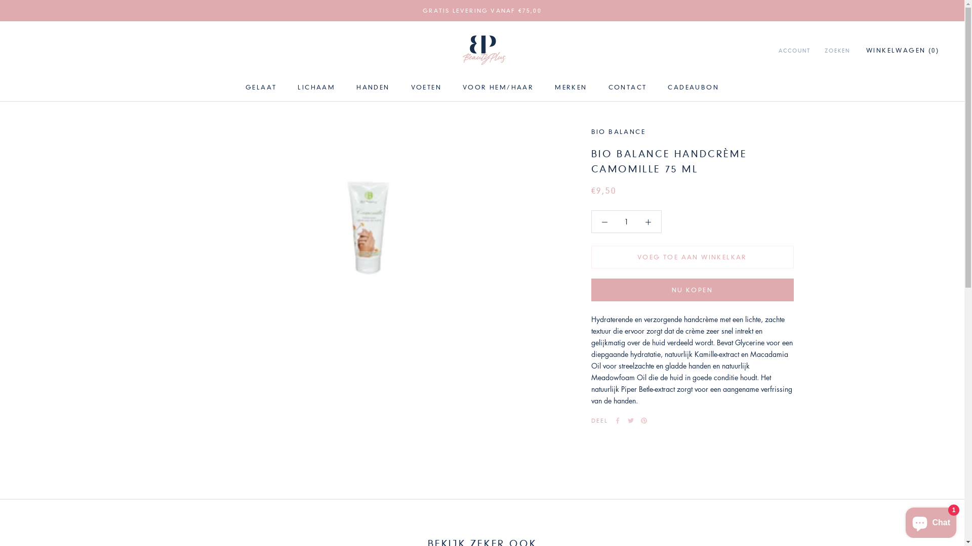 Image resolution: width=972 pixels, height=546 pixels. What do you see at coordinates (627, 86) in the screenshot?
I see `'CONTACT` at bounding box center [627, 86].